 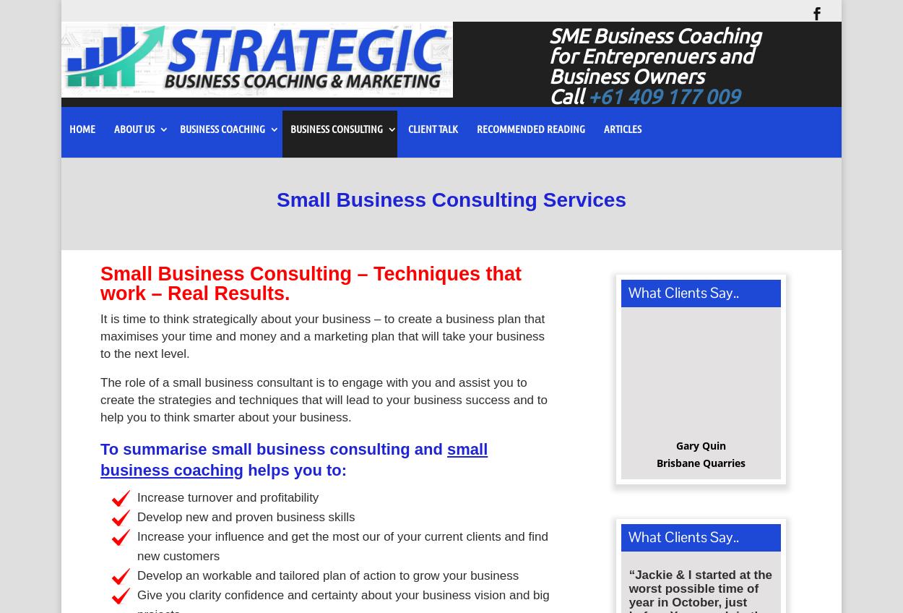 What do you see at coordinates (274, 453) in the screenshot?
I see `'To summarise small business consulting and'` at bounding box center [274, 453].